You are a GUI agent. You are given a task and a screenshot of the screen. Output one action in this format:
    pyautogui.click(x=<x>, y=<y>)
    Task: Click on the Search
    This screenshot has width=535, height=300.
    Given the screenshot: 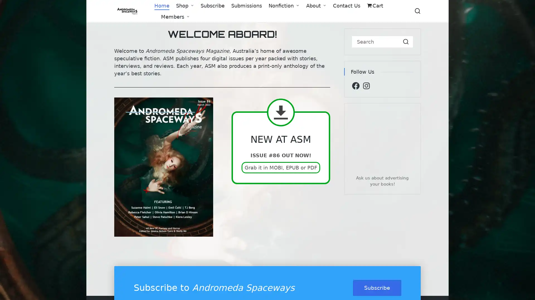 What is the action you would take?
    pyautogui.click(x=406, y=41)
    